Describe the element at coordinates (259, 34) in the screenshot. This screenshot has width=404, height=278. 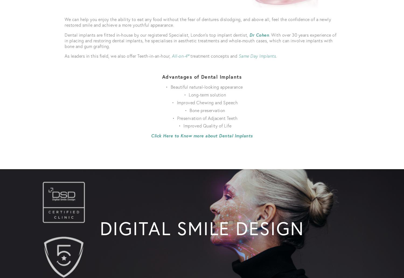
I see `'Dr Cohen'` at that location.